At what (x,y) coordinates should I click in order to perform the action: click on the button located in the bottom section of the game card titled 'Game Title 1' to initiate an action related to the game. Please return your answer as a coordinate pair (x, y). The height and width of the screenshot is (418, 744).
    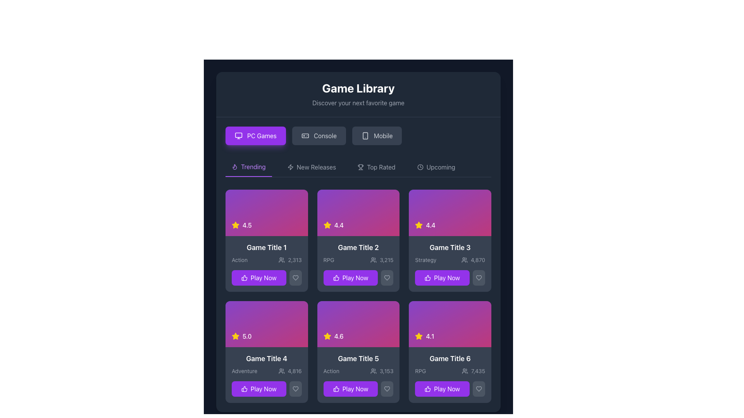
    Looking at the image, I should click on (267, 277).